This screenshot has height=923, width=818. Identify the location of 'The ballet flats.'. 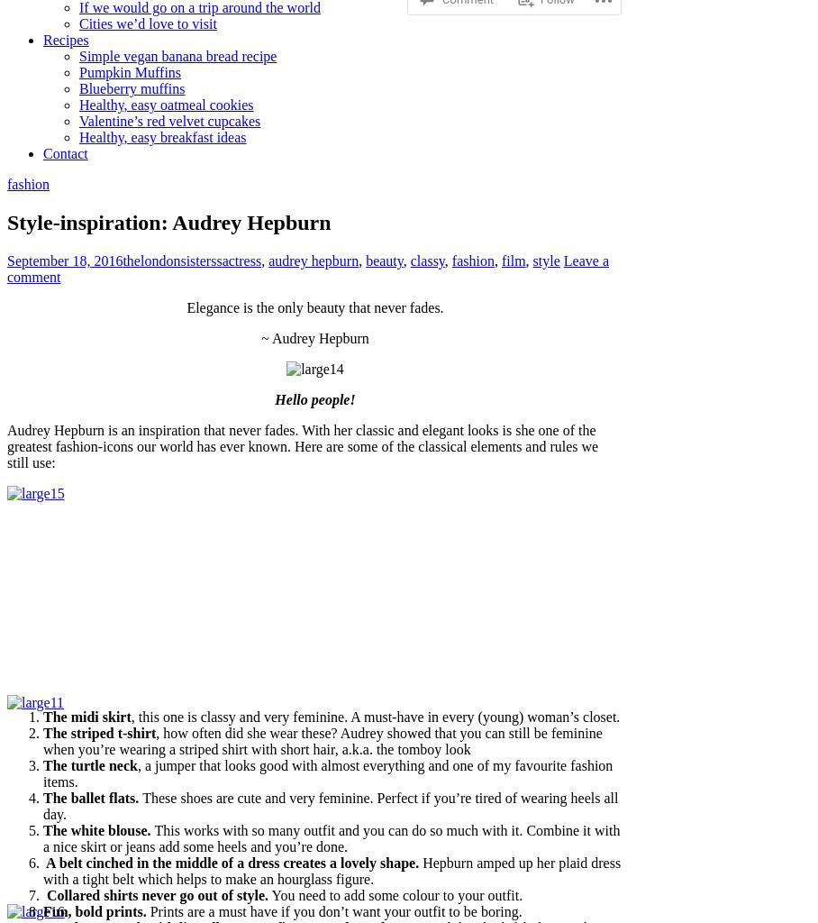
(43, 797).